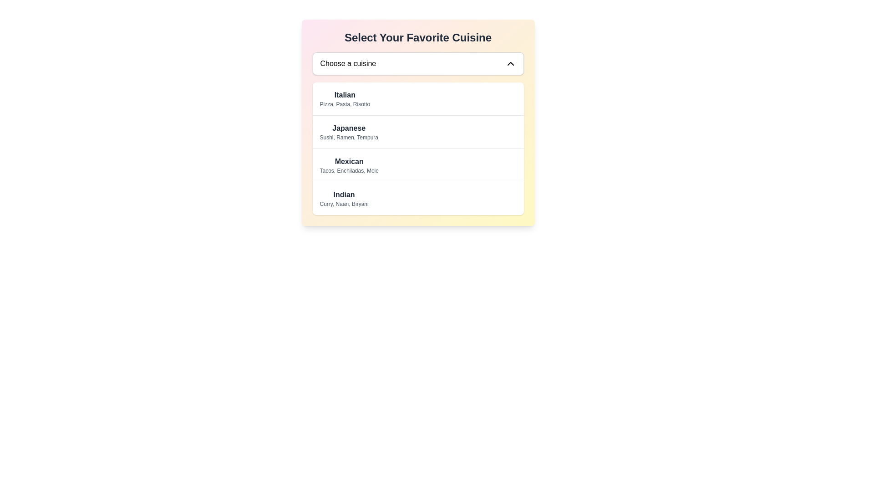  What do you see at coordinates (348, 132) in the screenshot?
I see `the composite label displaying 'Japanese' cuisine in the dropdown menu` at bounding box center [348, 132].